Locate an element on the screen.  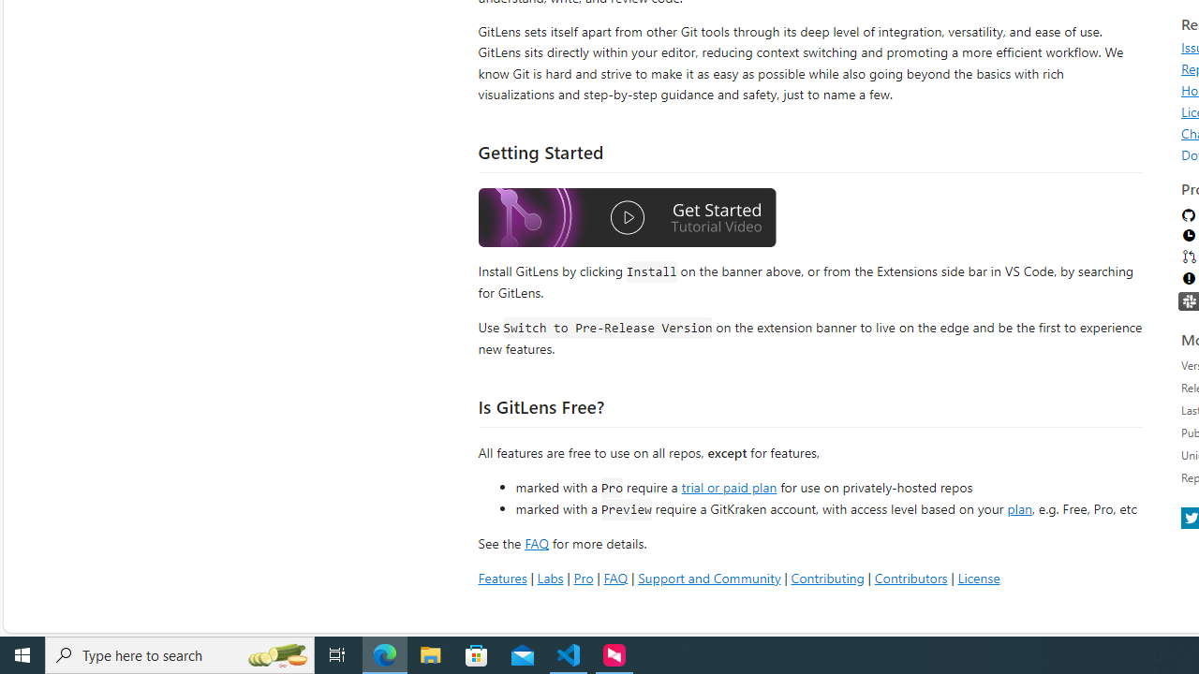
'Contributors' is located at coordinates (910, 577).